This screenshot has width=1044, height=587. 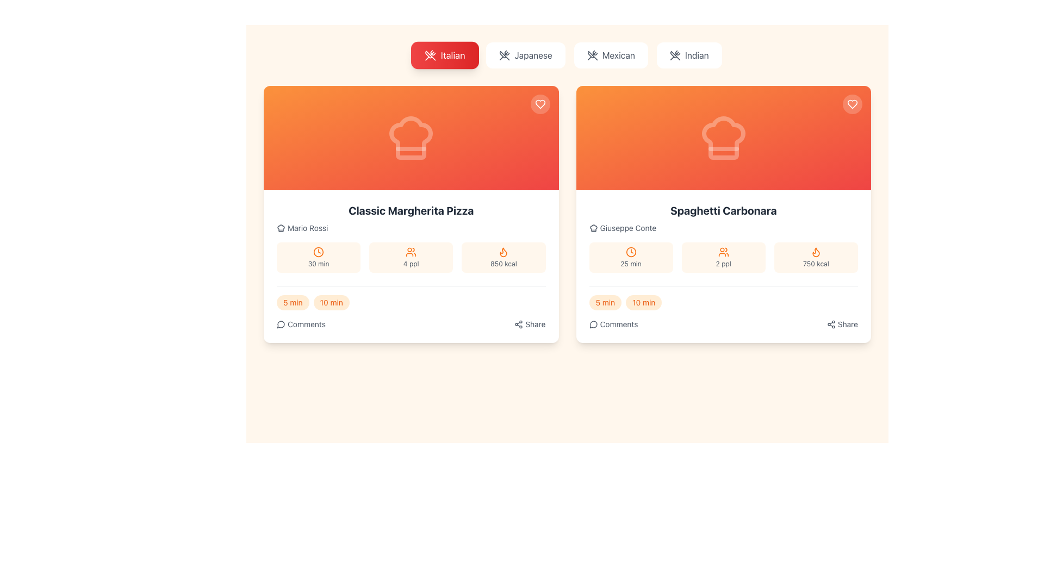 I want to click on the horizontal menu with interactive buttons located at the bottom of the 'Spaghetti Carbonara' card, so click(x=723, y=324).